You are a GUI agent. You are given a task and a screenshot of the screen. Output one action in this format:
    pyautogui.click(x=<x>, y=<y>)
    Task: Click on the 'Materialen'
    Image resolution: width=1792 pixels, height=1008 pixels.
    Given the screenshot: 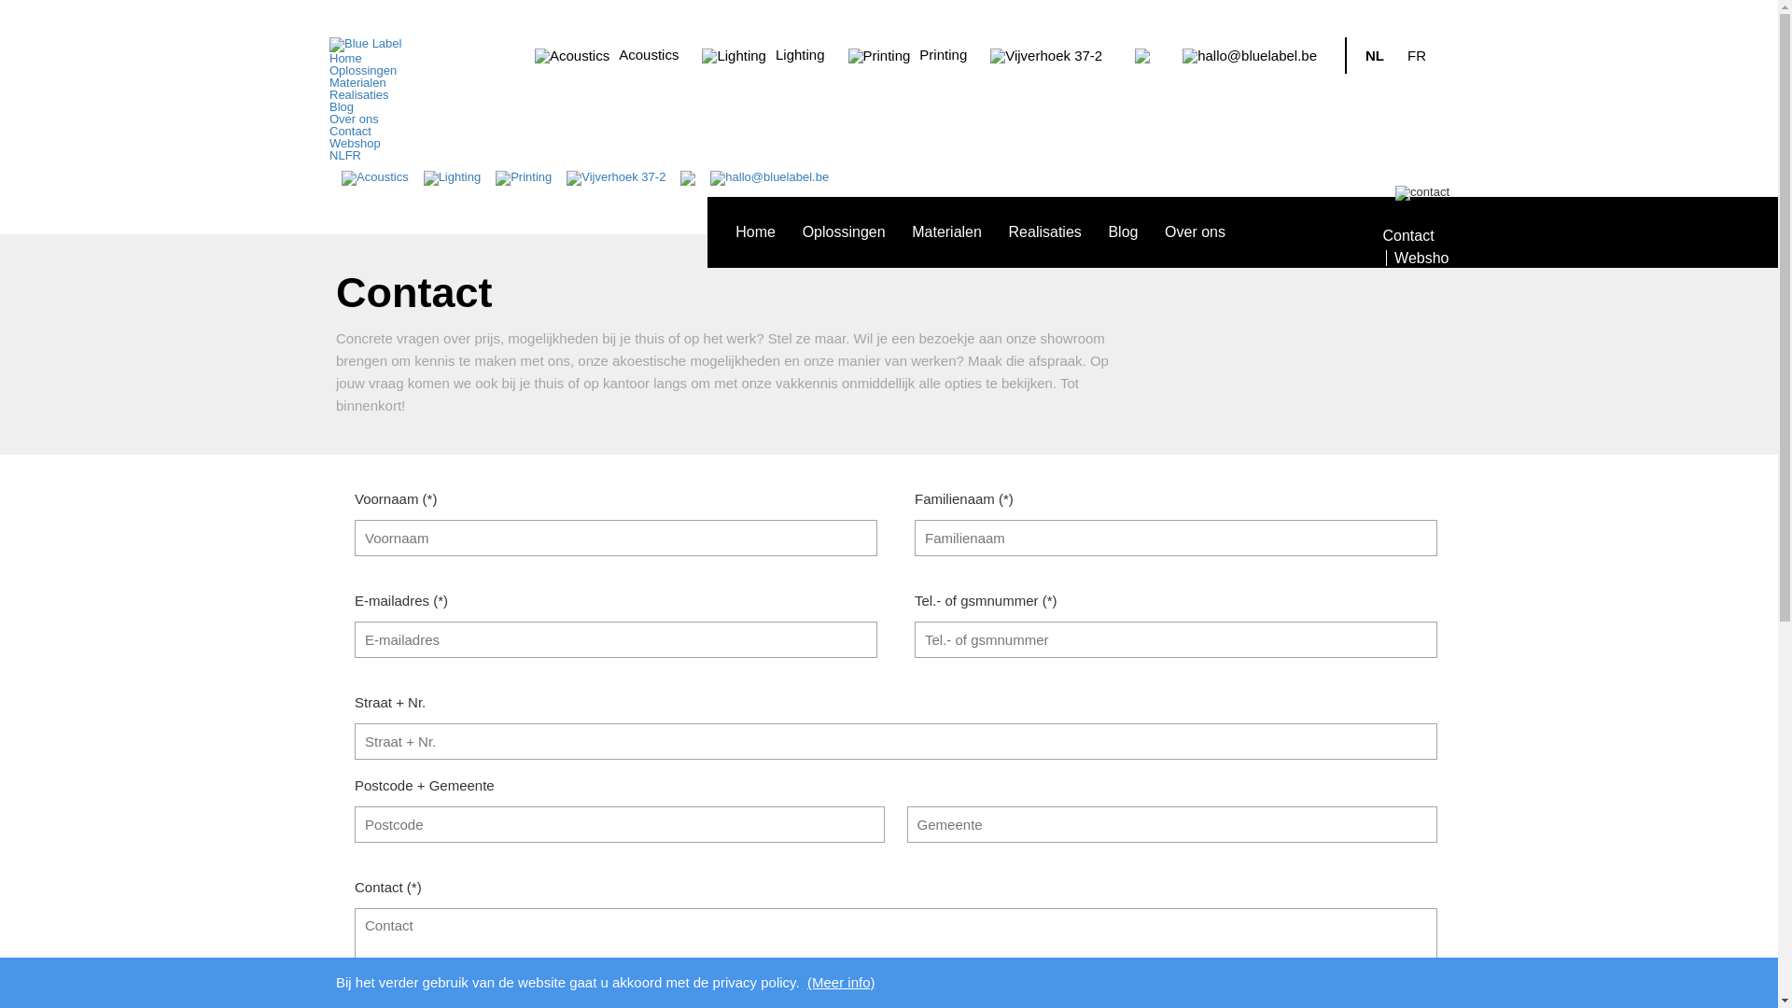 What is the action you would take?
    pyautogui.click(x=329, y=81)
    